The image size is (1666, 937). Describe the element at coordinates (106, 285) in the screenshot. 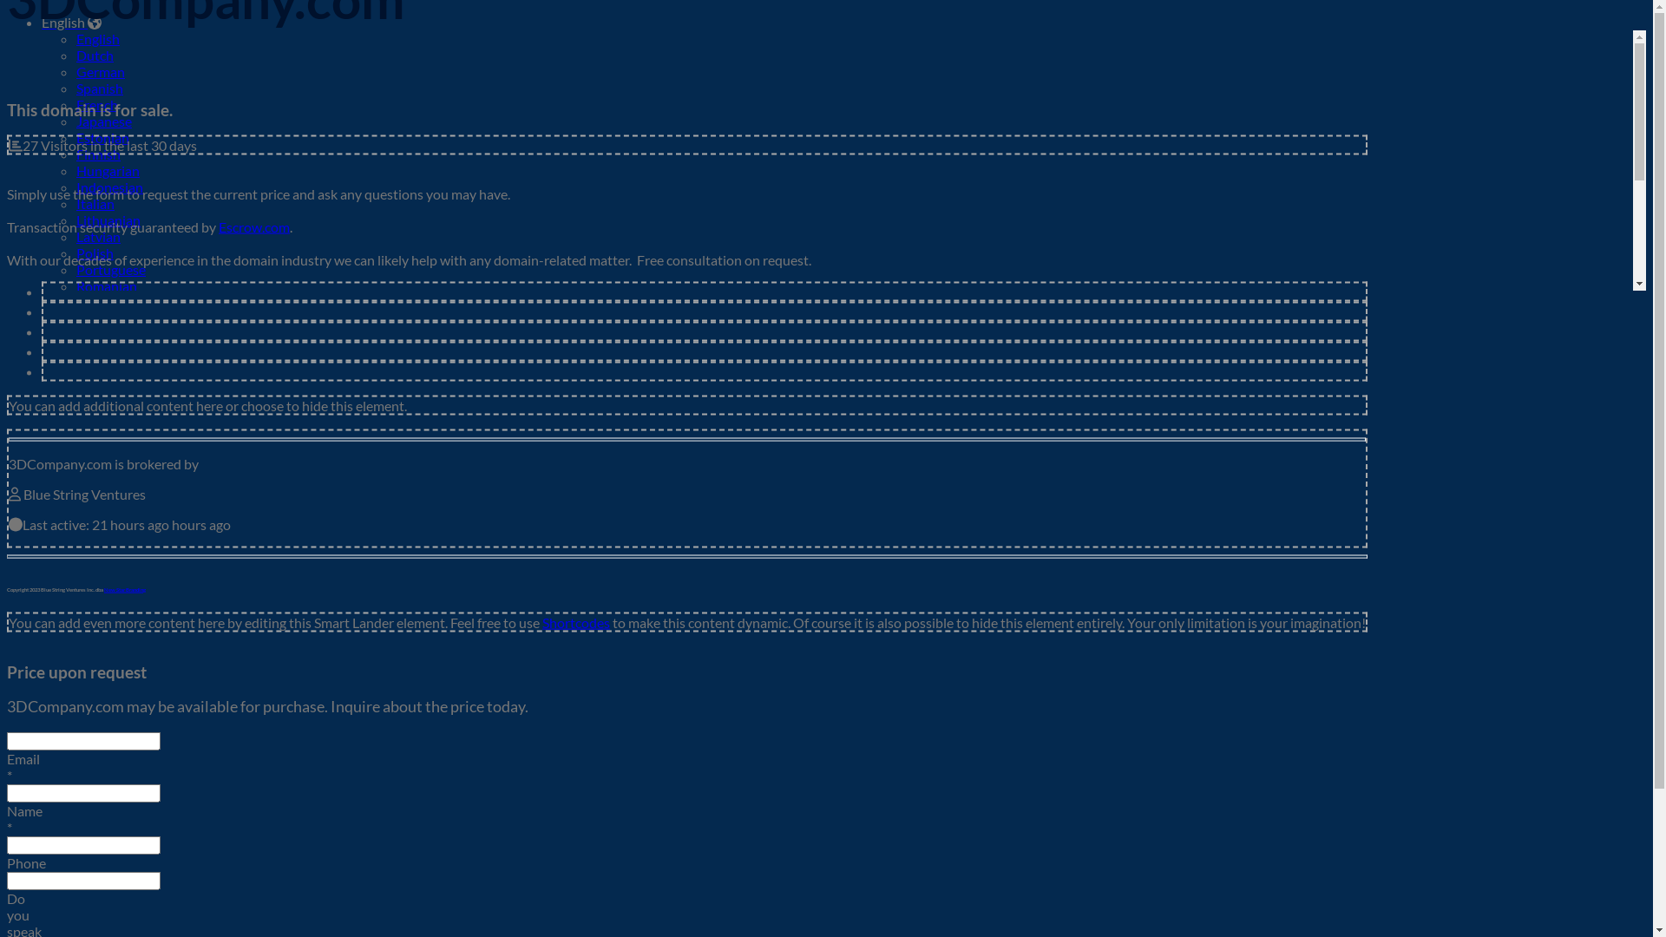

I see `'Romanian'` at that location.